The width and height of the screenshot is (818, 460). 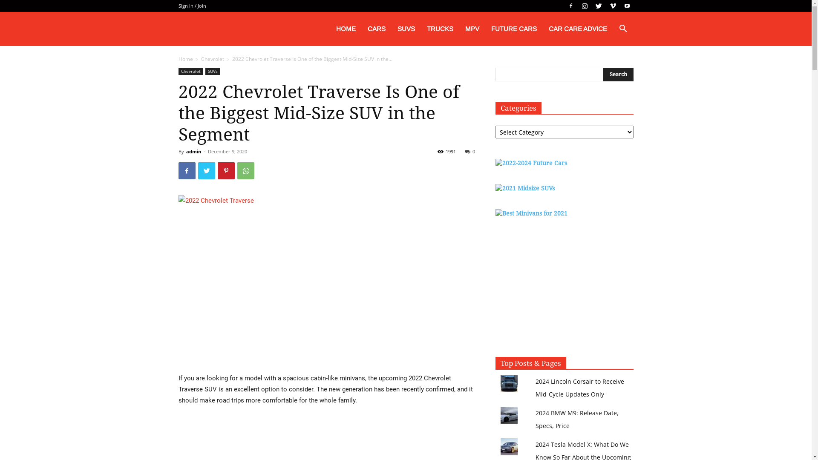 What do you see at coordinates (598, 6) in the screenshot?
I see `'Twitter'` at bounding box center [598, 6].